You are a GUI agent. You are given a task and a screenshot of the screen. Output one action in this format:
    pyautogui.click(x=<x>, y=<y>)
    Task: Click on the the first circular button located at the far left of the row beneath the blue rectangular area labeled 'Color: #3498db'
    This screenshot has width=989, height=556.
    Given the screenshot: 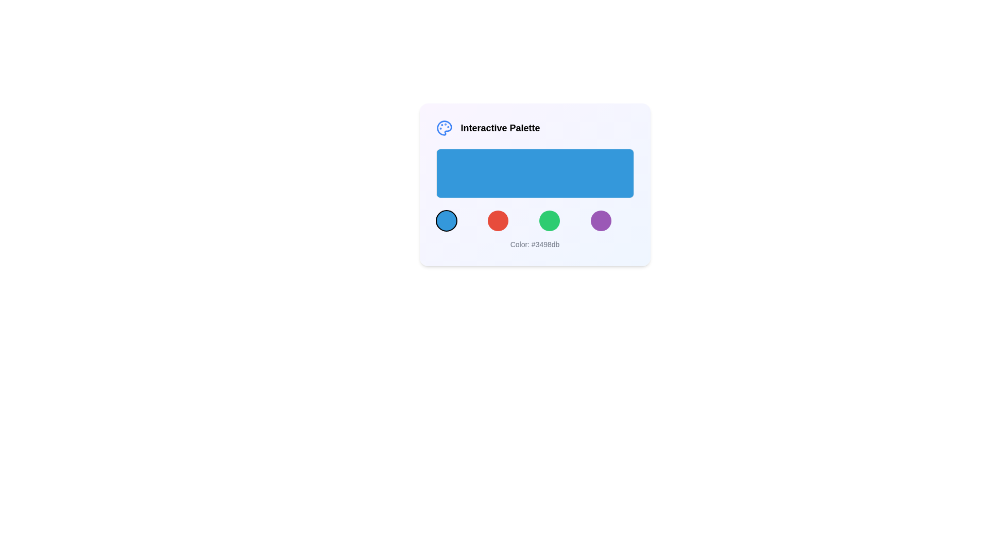 What is the action you would take?
    pyautogui.click(x=446, y=220)
    